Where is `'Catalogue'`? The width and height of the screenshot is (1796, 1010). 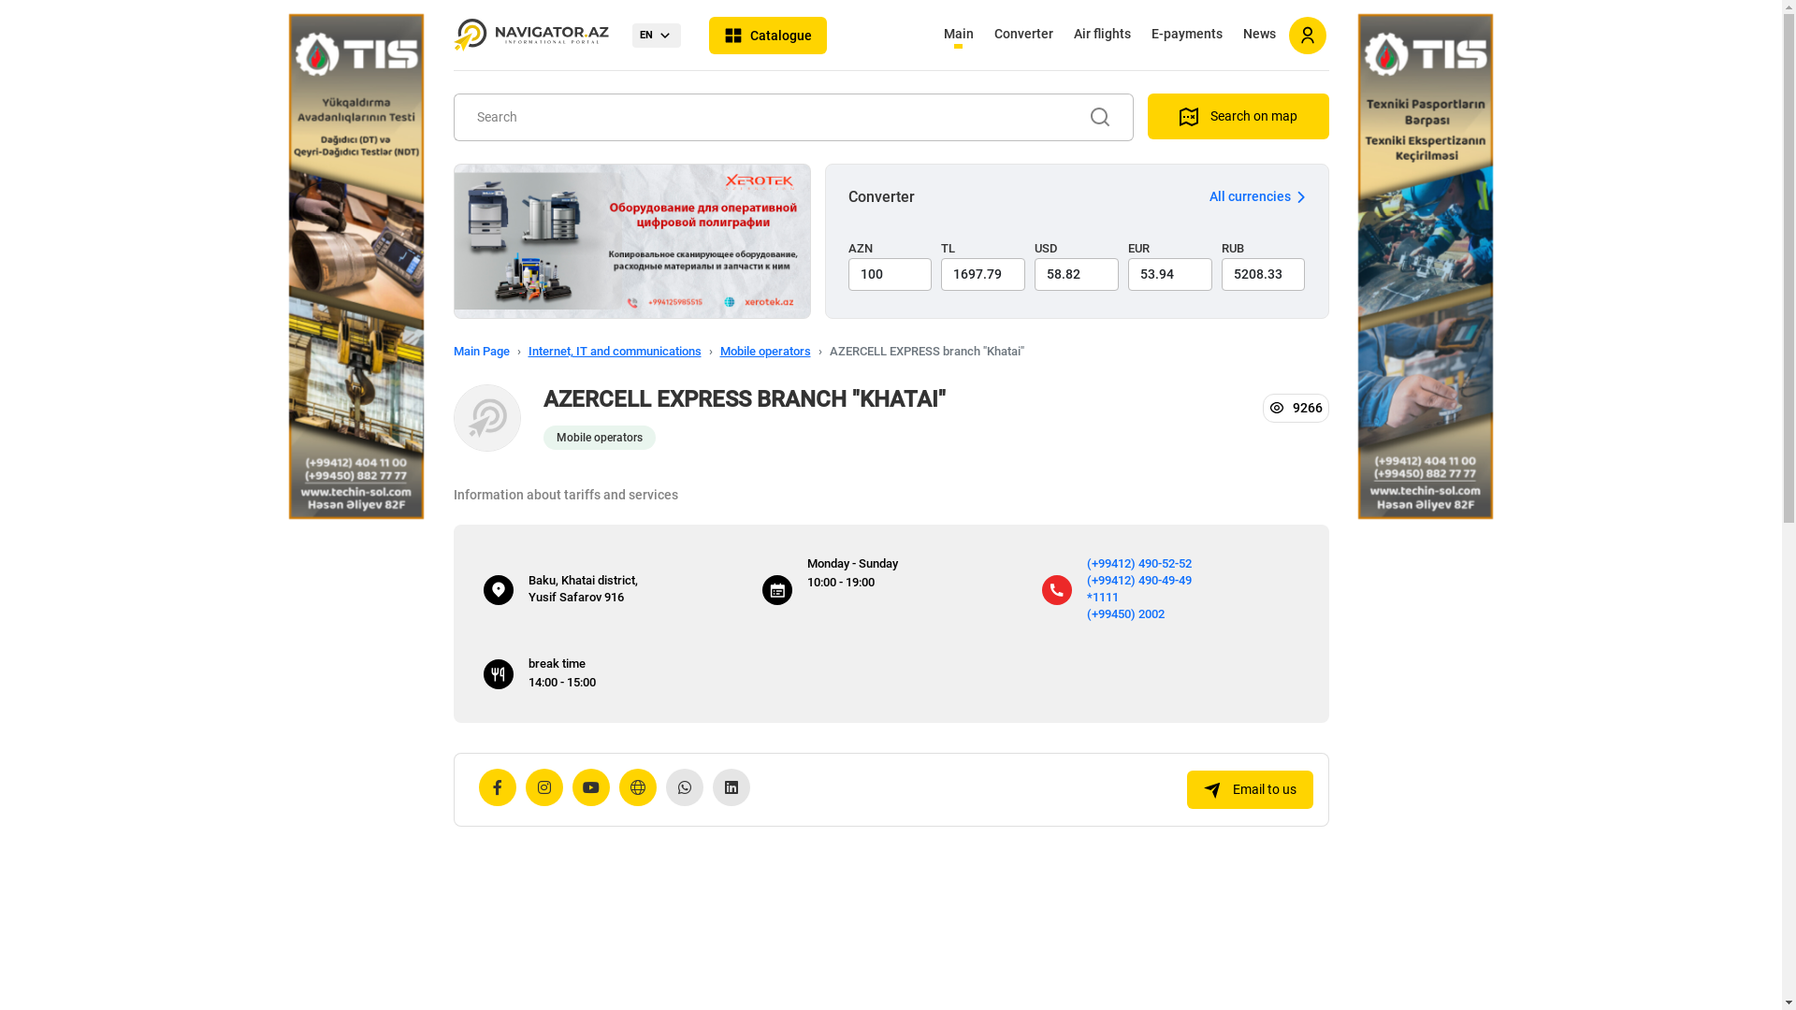 'Catalogue' is located at coordinates (767, 36).